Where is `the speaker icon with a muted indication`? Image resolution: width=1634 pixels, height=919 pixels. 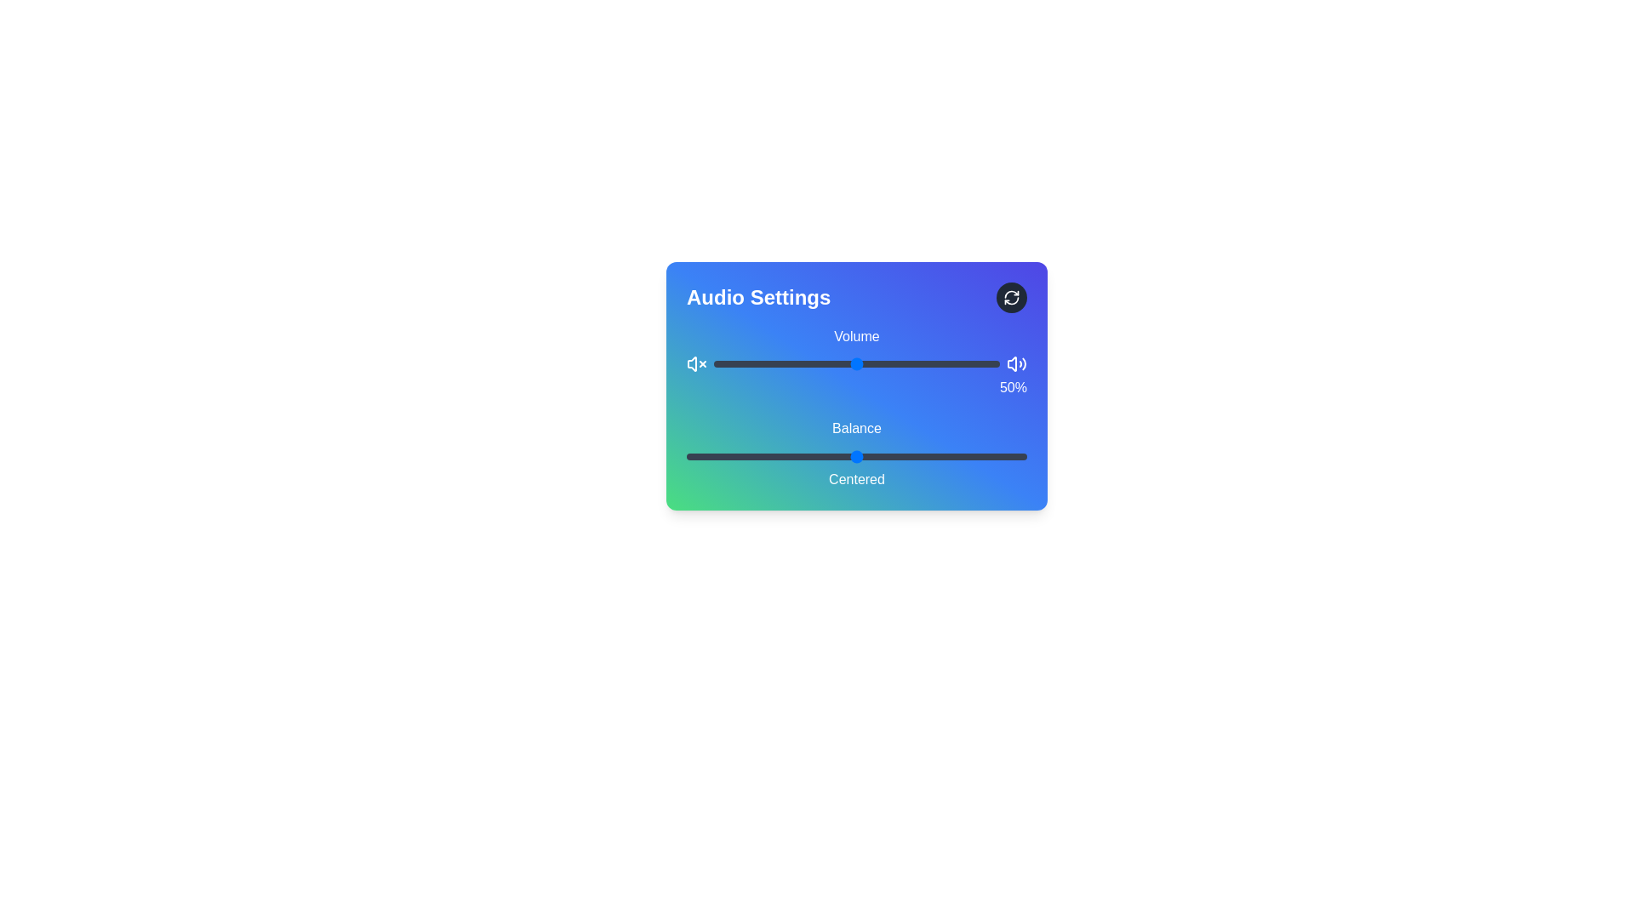
the speaker icon with a muted indication is located at coordinates (692, 363).